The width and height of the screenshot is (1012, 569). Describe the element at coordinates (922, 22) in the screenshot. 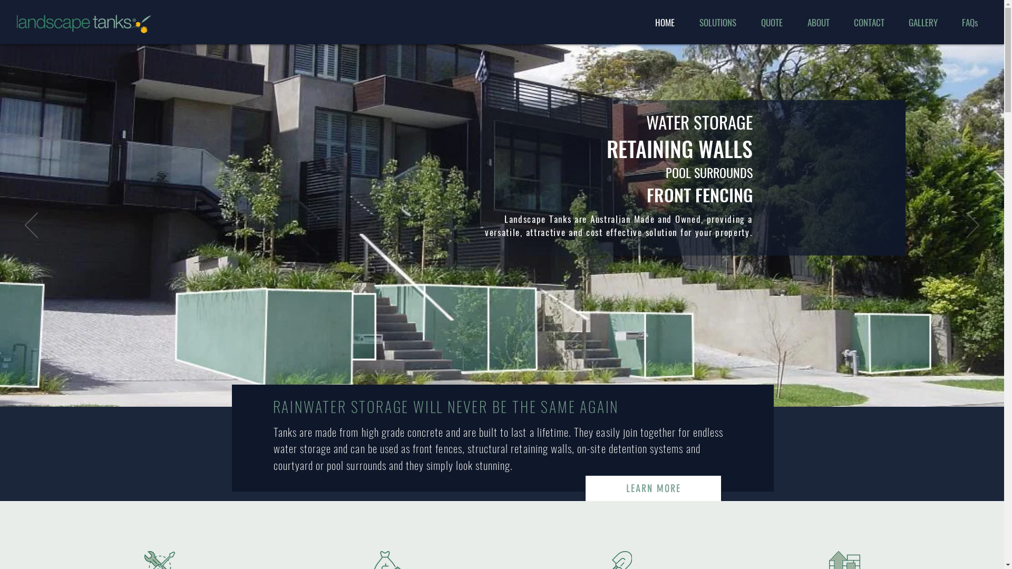

I see `'GALLERY'` at that location.